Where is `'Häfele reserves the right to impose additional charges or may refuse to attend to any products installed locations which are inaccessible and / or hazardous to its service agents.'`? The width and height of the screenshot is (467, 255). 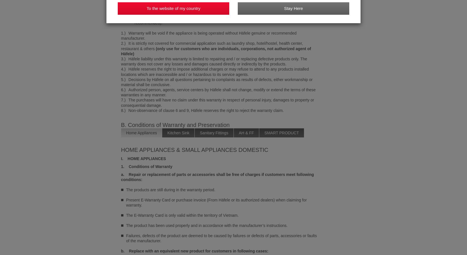
'Häfele reserves the right to impose additional charges or may refuse to attend to any products installed locations which are inaccessible and / or hazardous to its service agents.' is located at coordinates (215, 71).